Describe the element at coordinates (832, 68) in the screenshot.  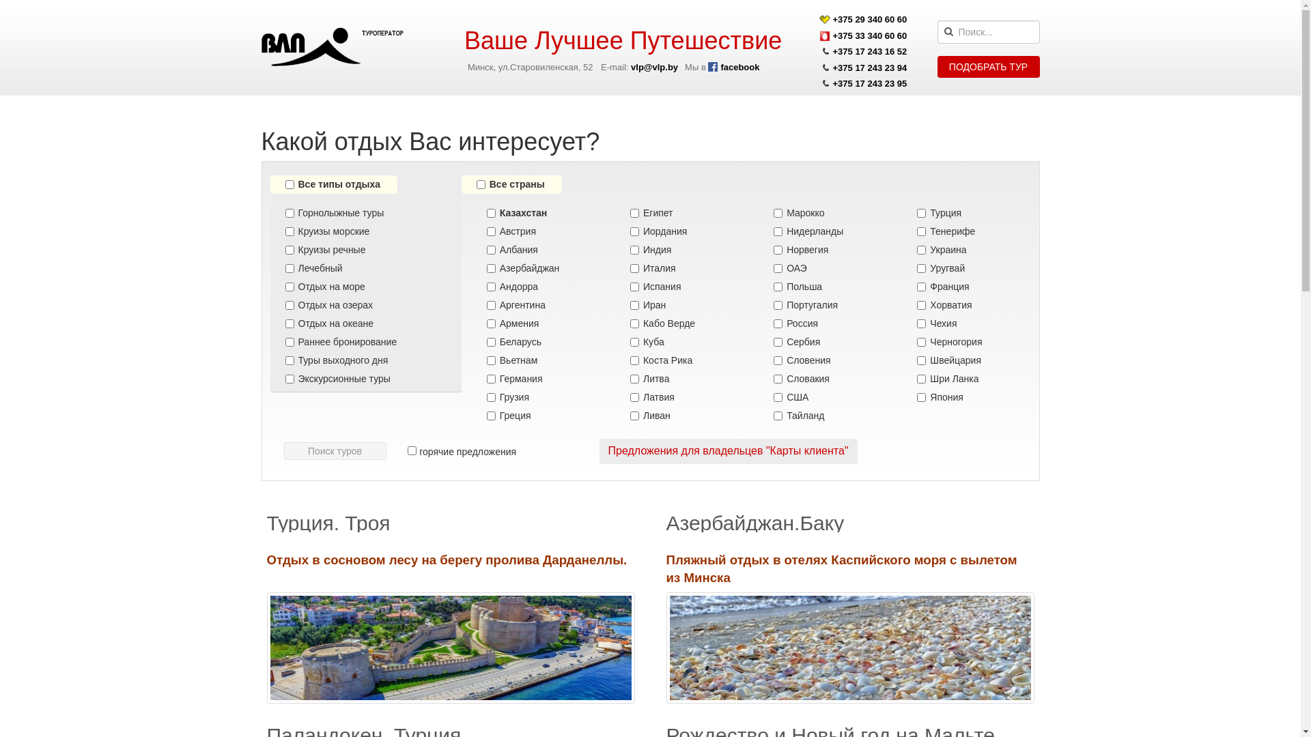
I see `'+375 17 243 23 94'` at that location.